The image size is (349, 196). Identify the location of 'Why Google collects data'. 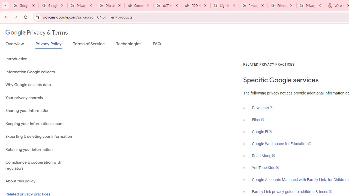
(41, 85).